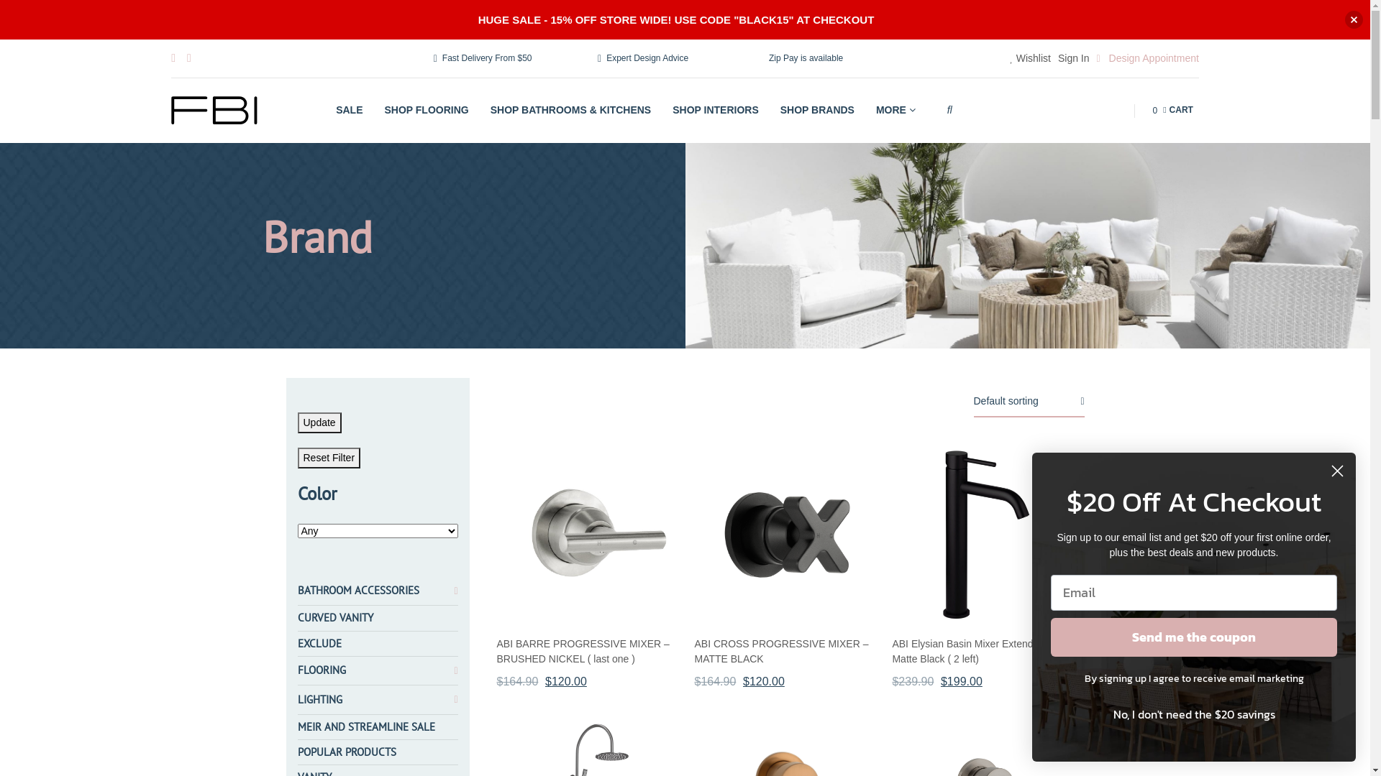  Describe the element at coordinates (1050, 713) in the screenshot. I see `'No, I don't need the $20 savings'` at that location.